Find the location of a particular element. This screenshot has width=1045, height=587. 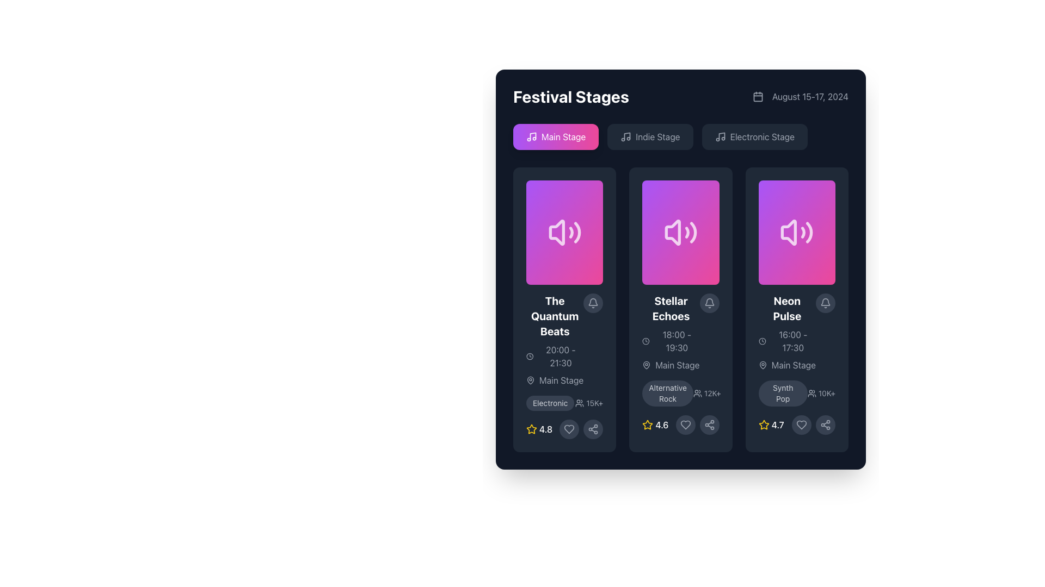

the heart icon button located in the bottom section of the 'Stellar Echoes' card to mark it as favorite or like is located at coordinates (685, 424).